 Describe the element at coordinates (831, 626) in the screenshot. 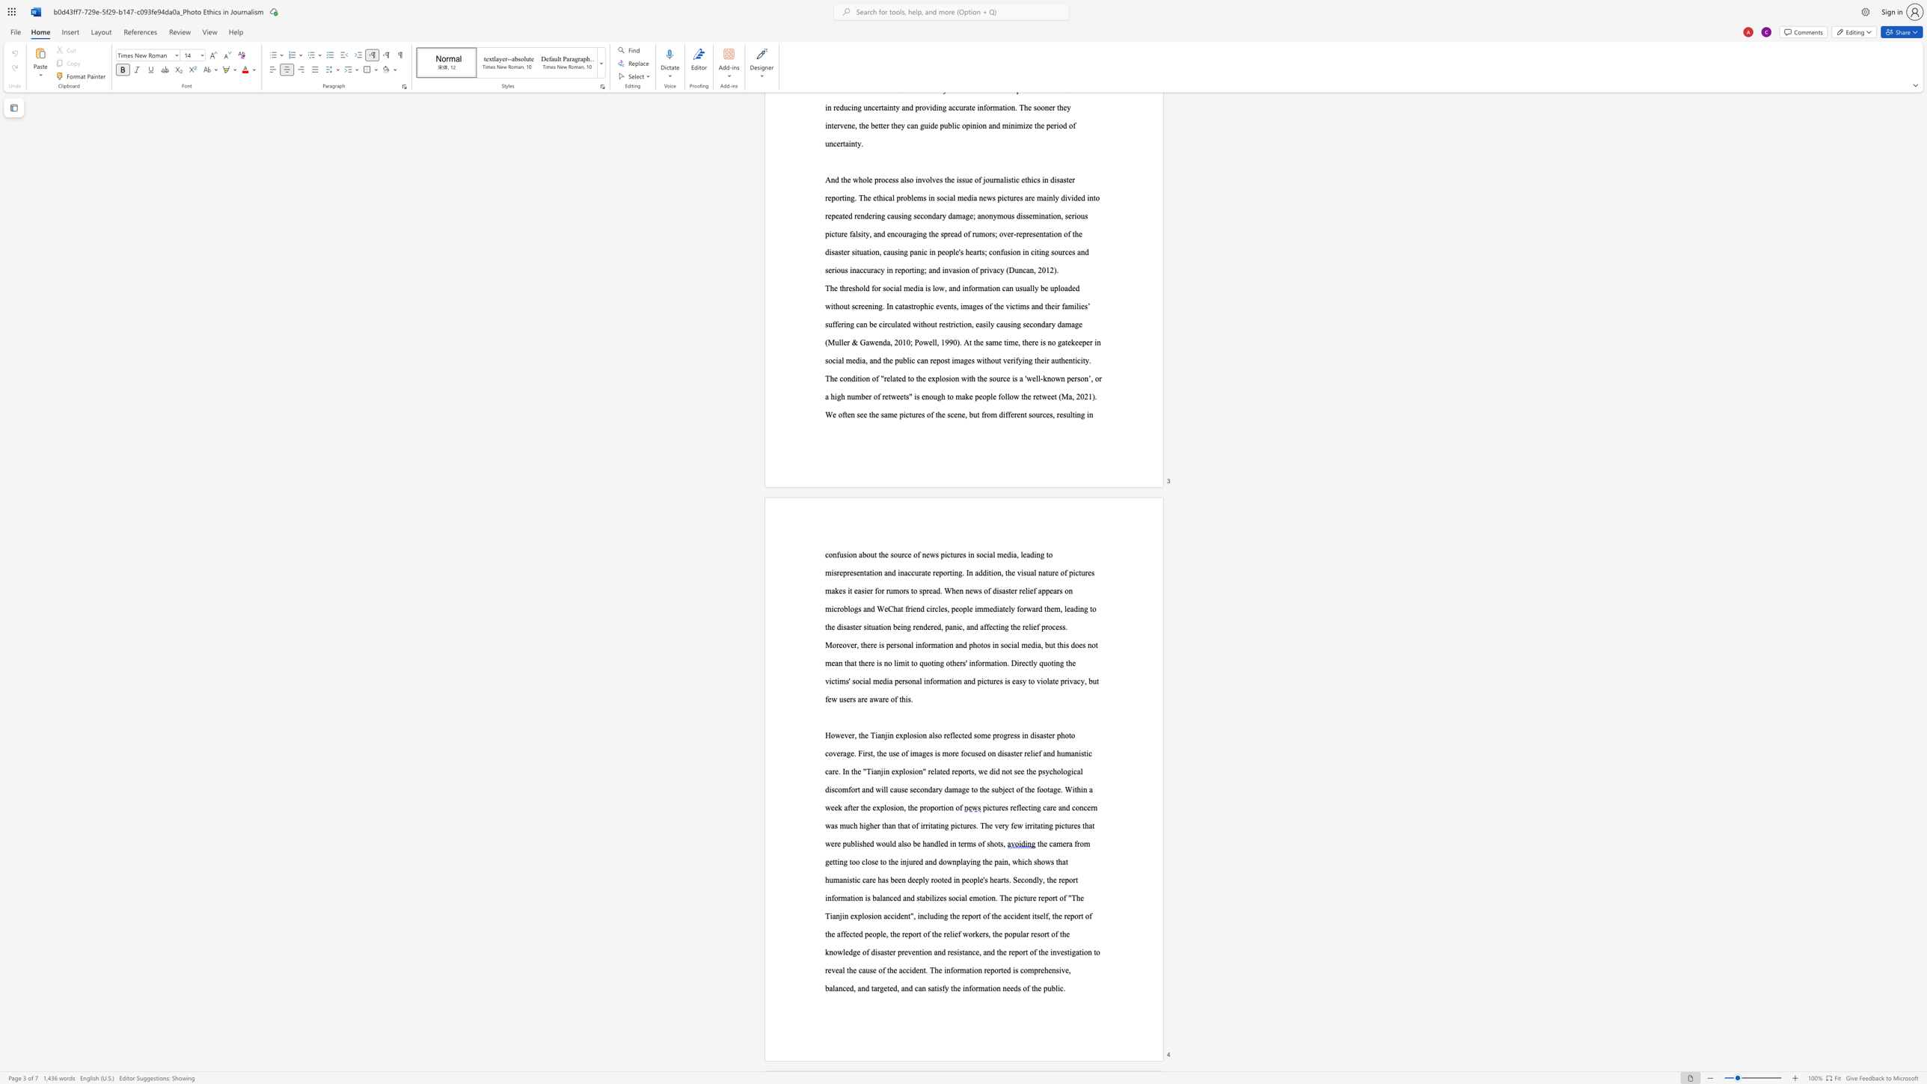

I see `the subset text "e d" within the text "them, leading to the disaster situation being"` at that location.